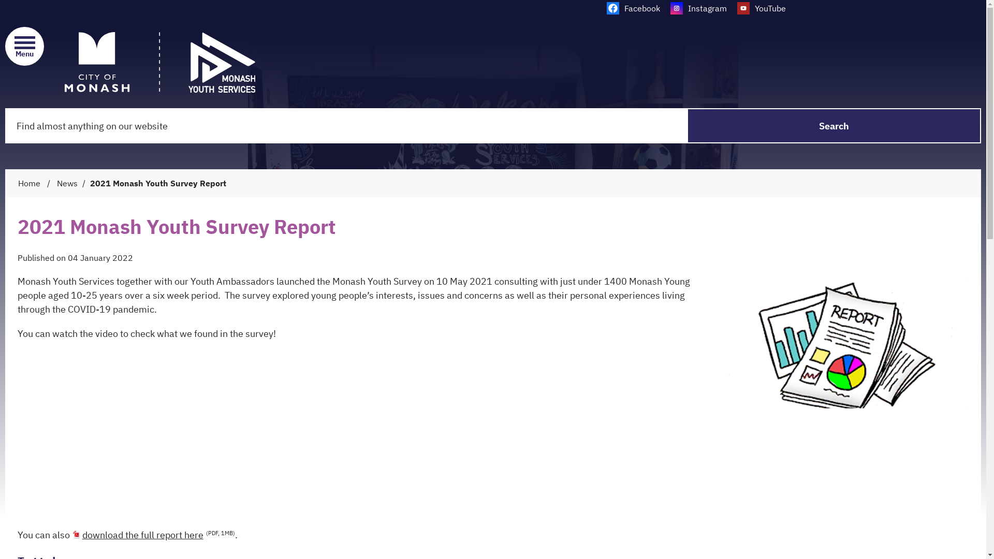 The image size is (994, 559). What do you see at coordinates (64, 62) in the screenshot?
I see `'Home - City of Monash - Logo'` at bounding box center [64, 62].